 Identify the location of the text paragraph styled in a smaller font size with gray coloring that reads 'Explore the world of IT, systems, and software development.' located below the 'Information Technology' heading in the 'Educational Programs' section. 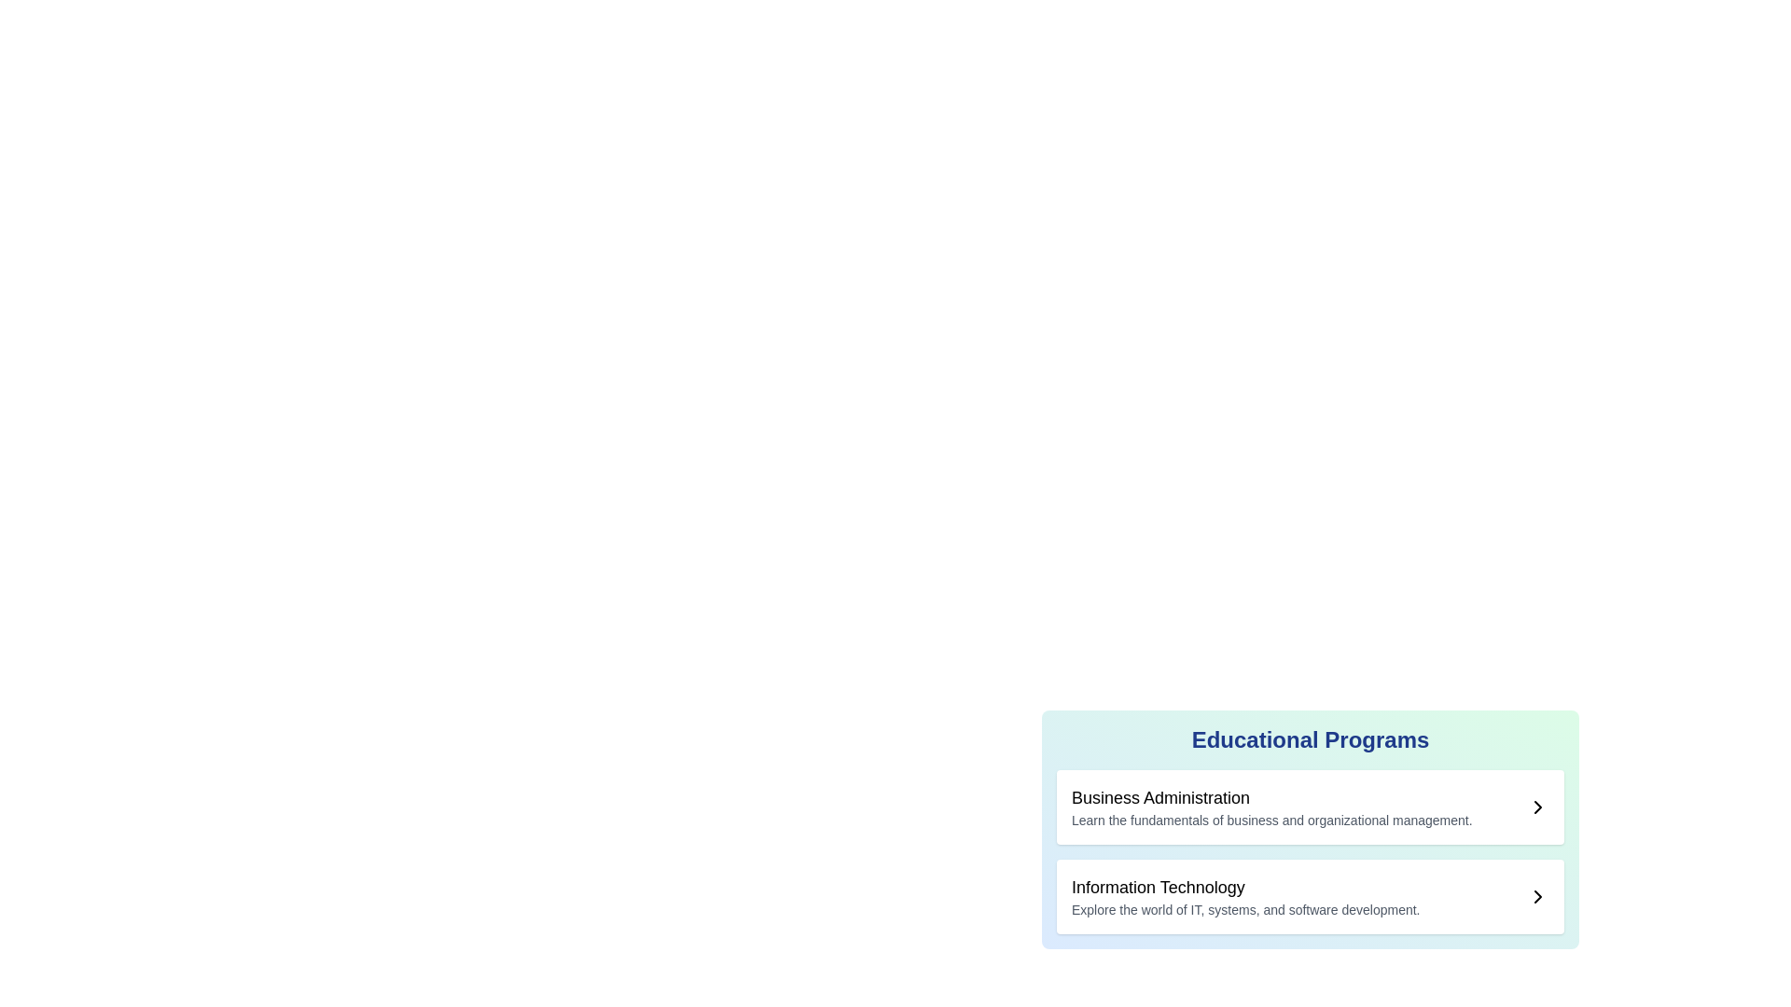
(1245, 908).